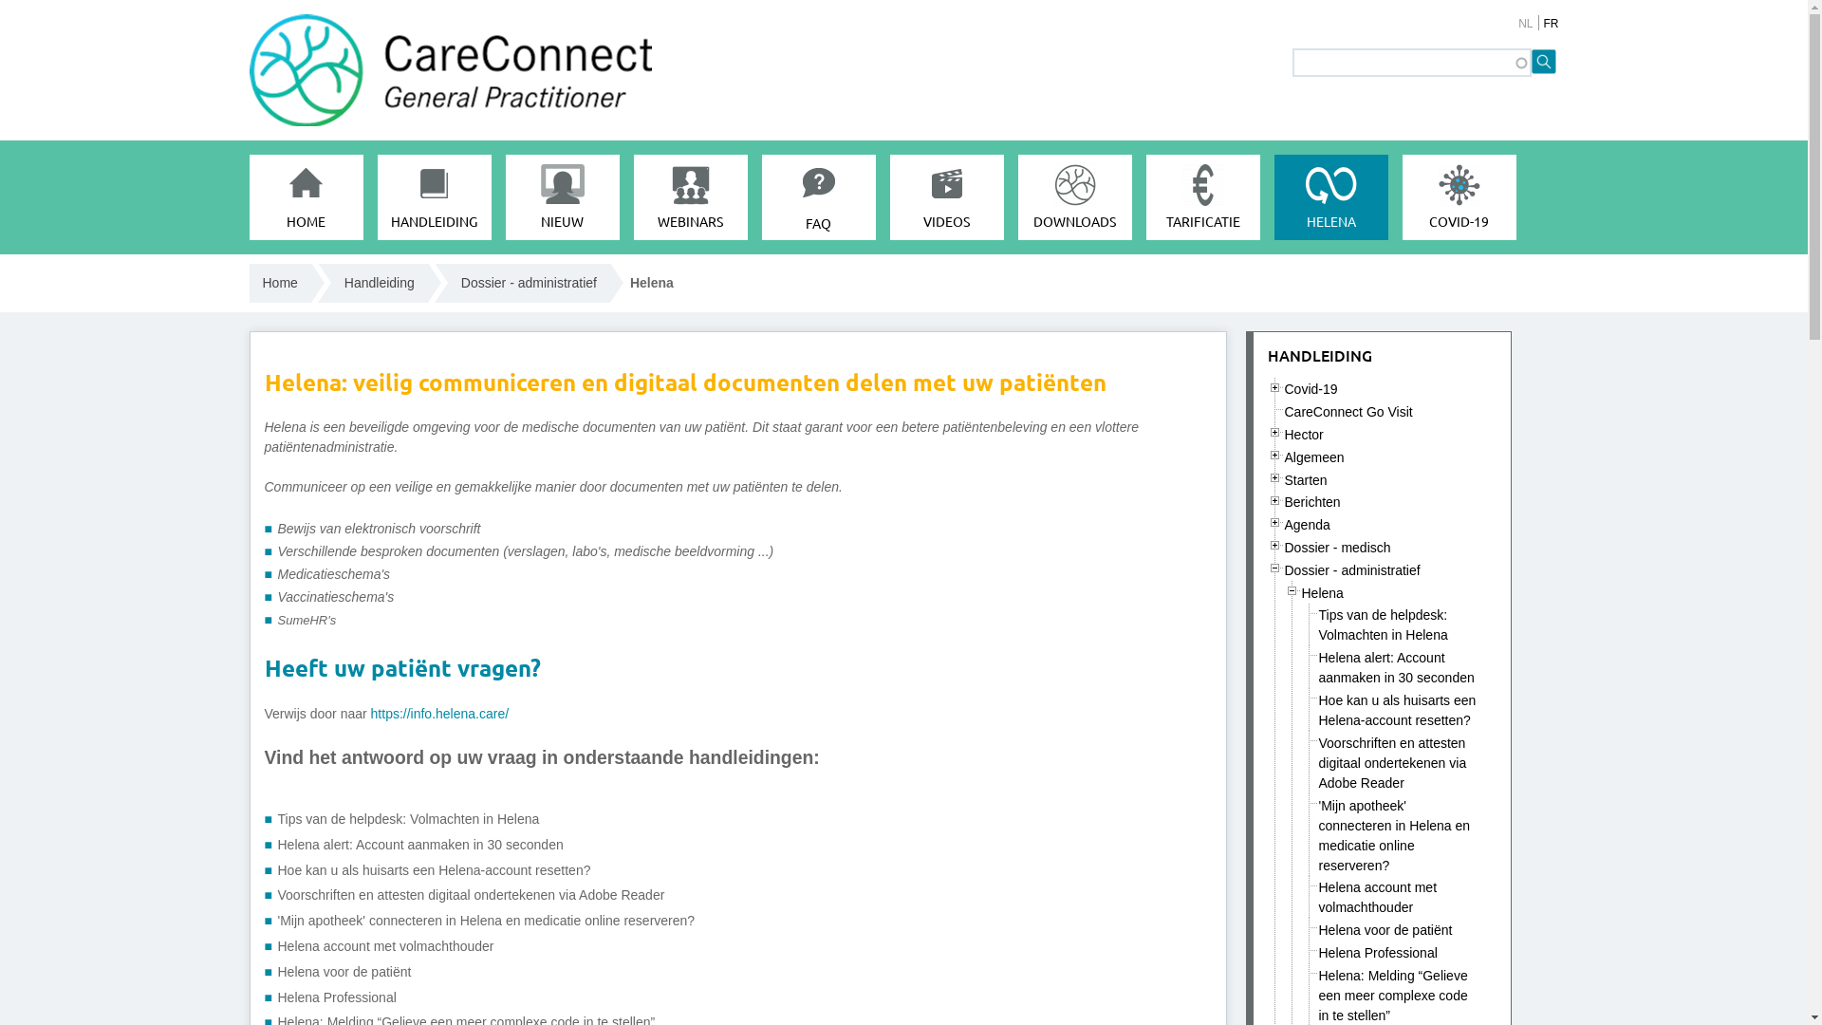  I want to click on ' ', so click(1275, 567).